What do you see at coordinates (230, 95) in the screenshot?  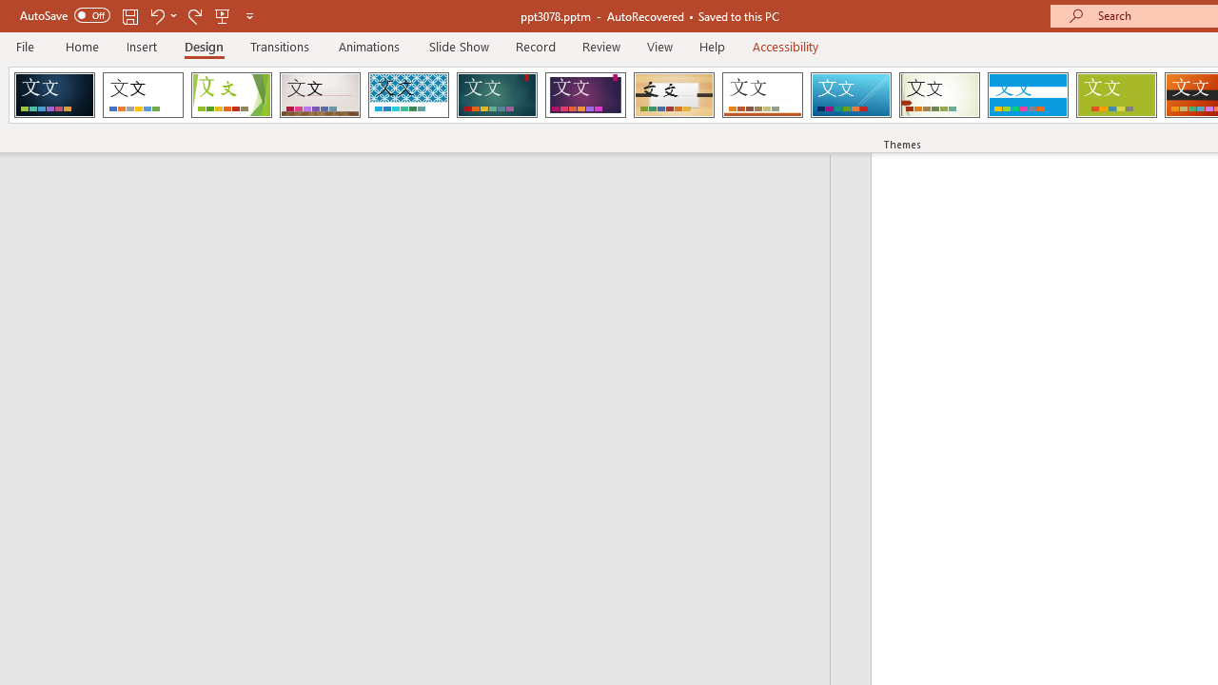 I see `'Facet'` at bounding box center [230, 95].